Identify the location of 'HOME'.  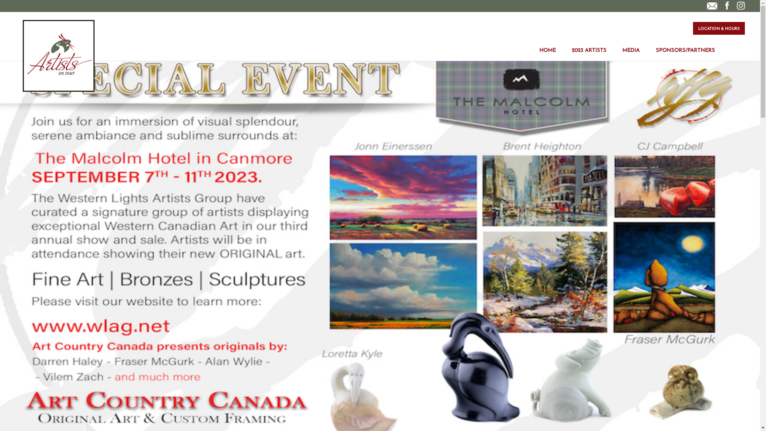
(539, 44).